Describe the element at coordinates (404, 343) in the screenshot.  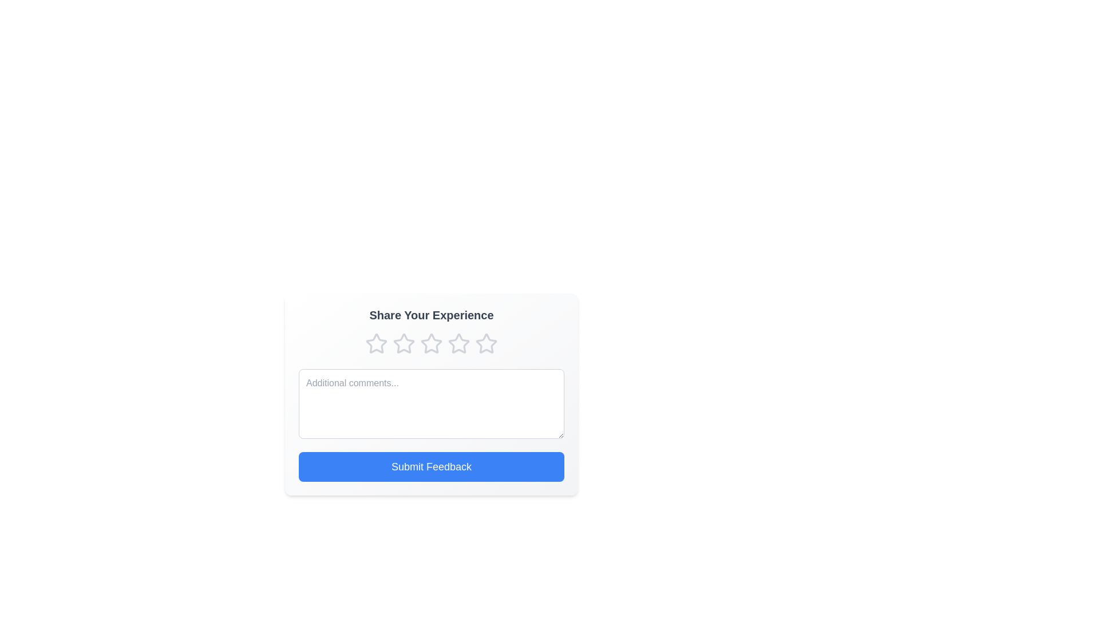
I see `the second hollow star icon in the row of five stars to rate it as 2 stars` at that location.